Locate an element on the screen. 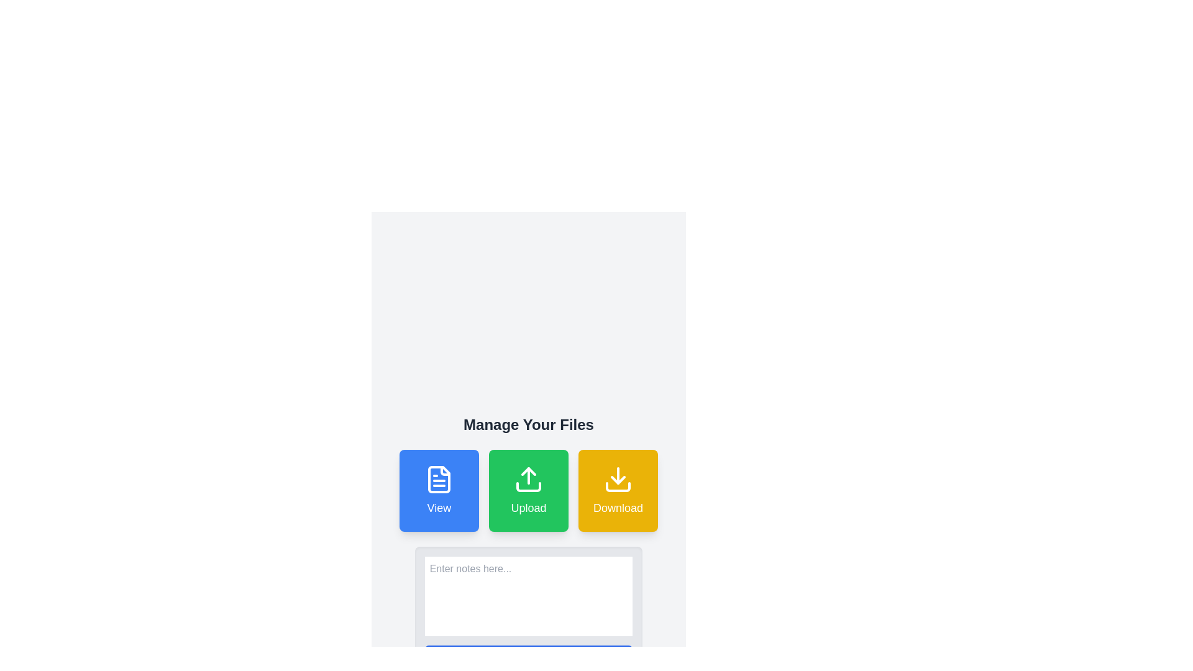 The height and width of the screenshot is (671, 1193). the large, bold text header reading 'Manage Your Files' which is centrally aligned above the buttons 'View,' 'Upload,' and 'Download.' is located at coordinates (528, 423).